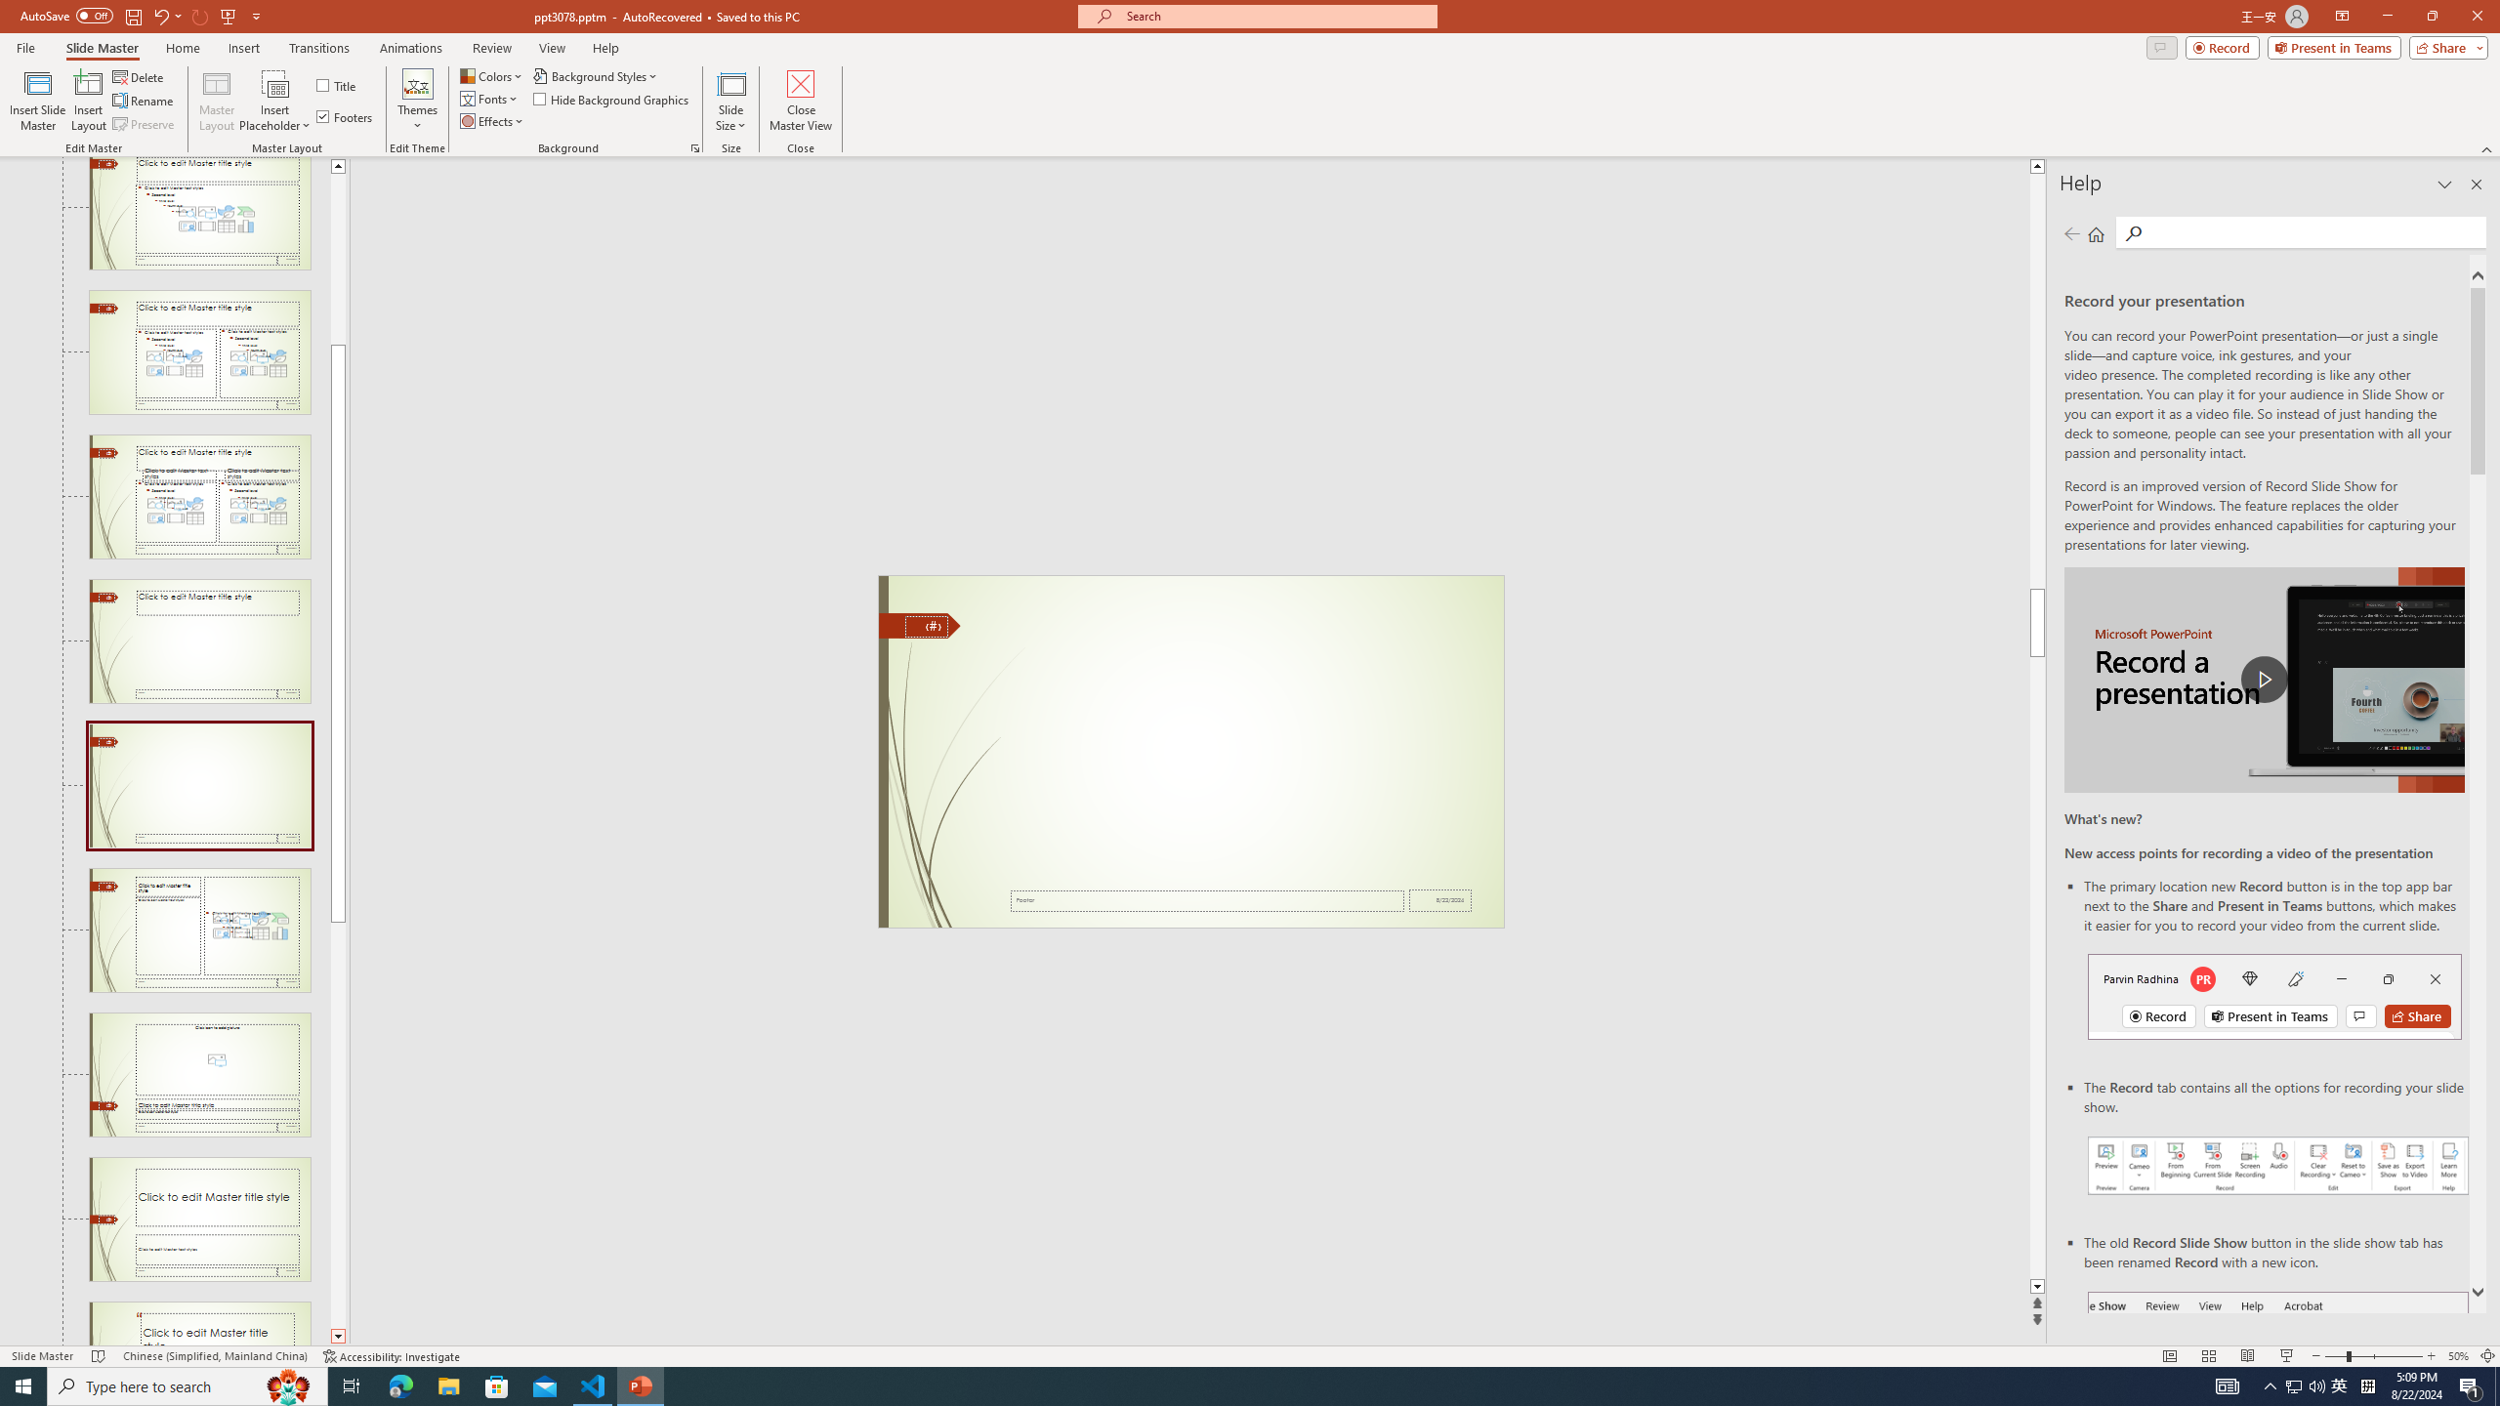 This screenshot has width=2500, height=1406. What do you see at coordinates (2476, 184) in the screenshot?
I see `'Close pane'` at bounding box center [2476, 184].